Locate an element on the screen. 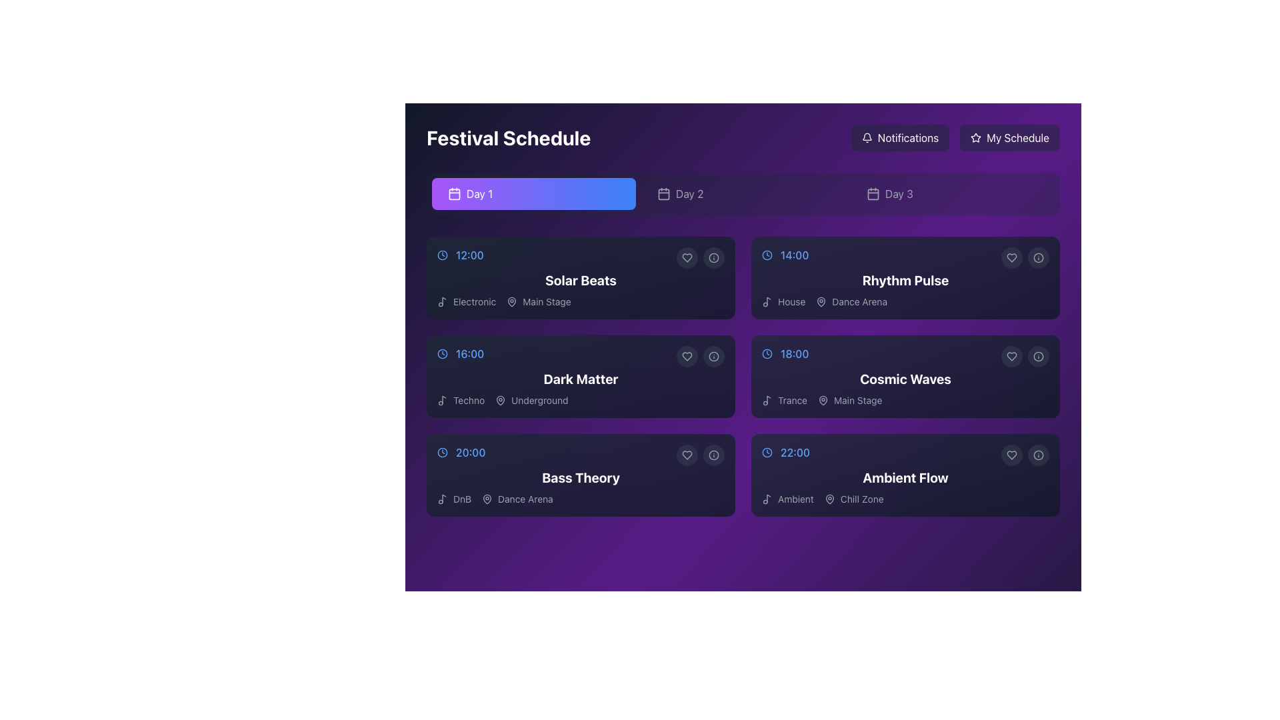 The image size is (1280, 720). static label indicating 'Day 2' within the button located in the horizontal navigation menu, positioned between 'Day 1' and 'Day 3' buttons is located at coordinates (689, 193).